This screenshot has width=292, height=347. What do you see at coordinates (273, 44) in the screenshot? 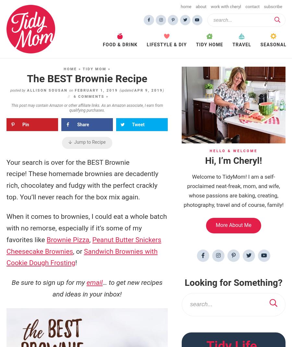
I see `'Seasonal'` at bounding box center [273, 44].